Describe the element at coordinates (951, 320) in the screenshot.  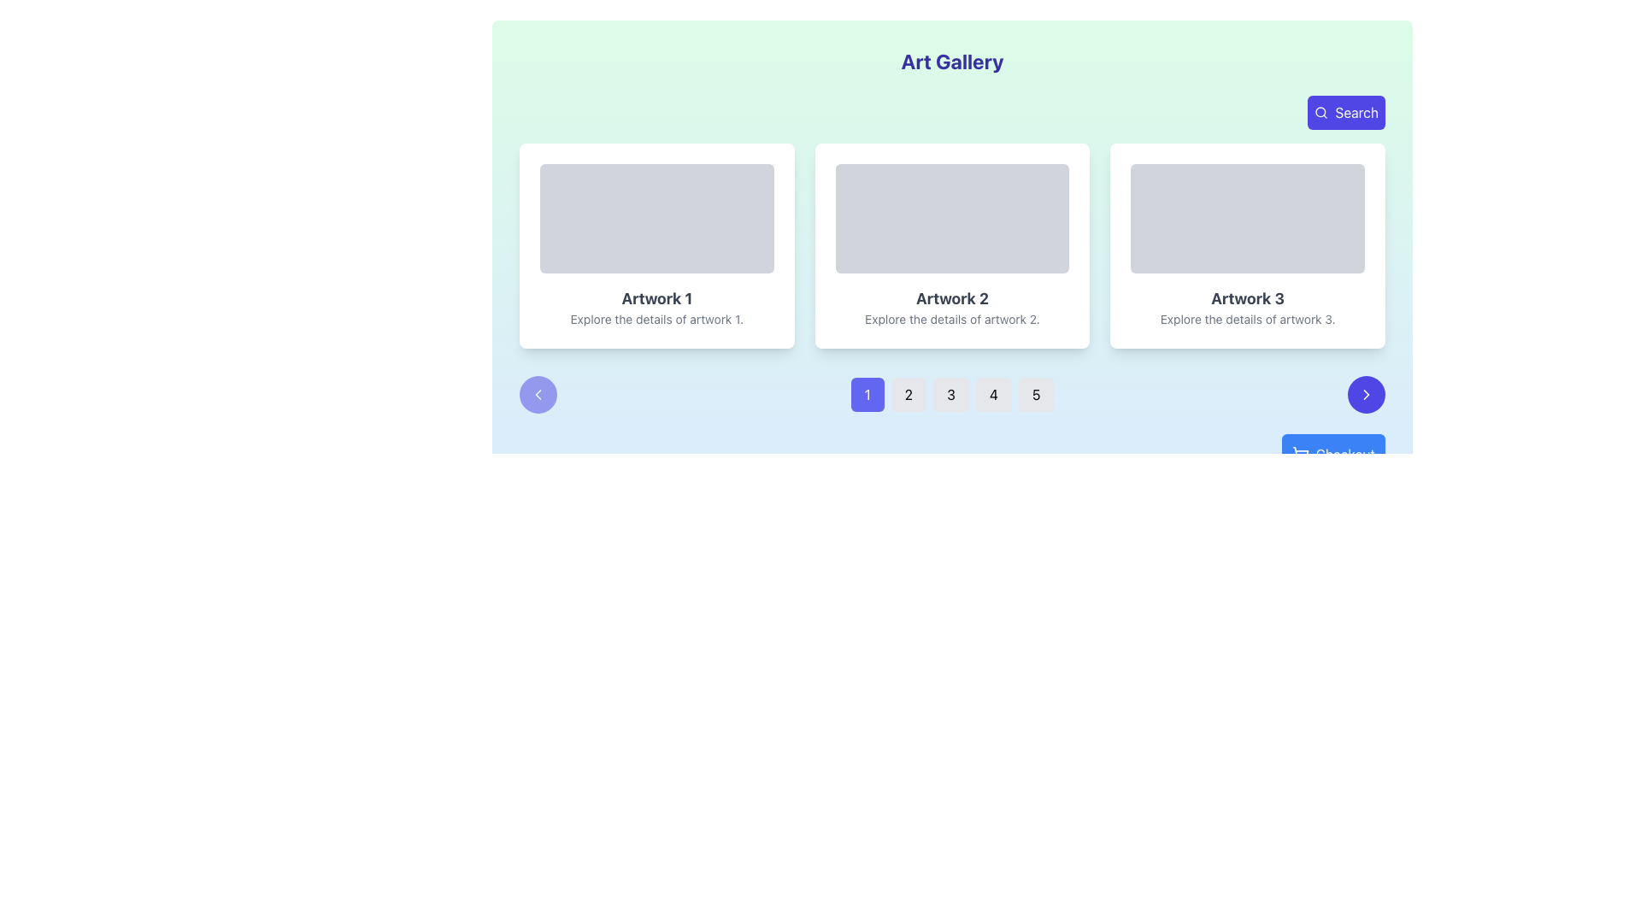
I see `the text label stating 'Explore the details of artwork 2', which is styled in a small gray font and positioned beneath the headline 'Artwork 2' in a white card layout` at that location.